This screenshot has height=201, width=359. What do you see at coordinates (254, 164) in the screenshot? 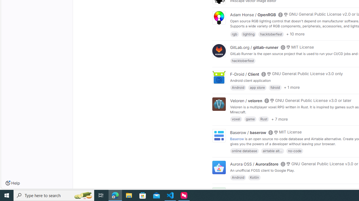
I see `'Aurora OSS / AuroraStore'` at bounding box center [254, 164].